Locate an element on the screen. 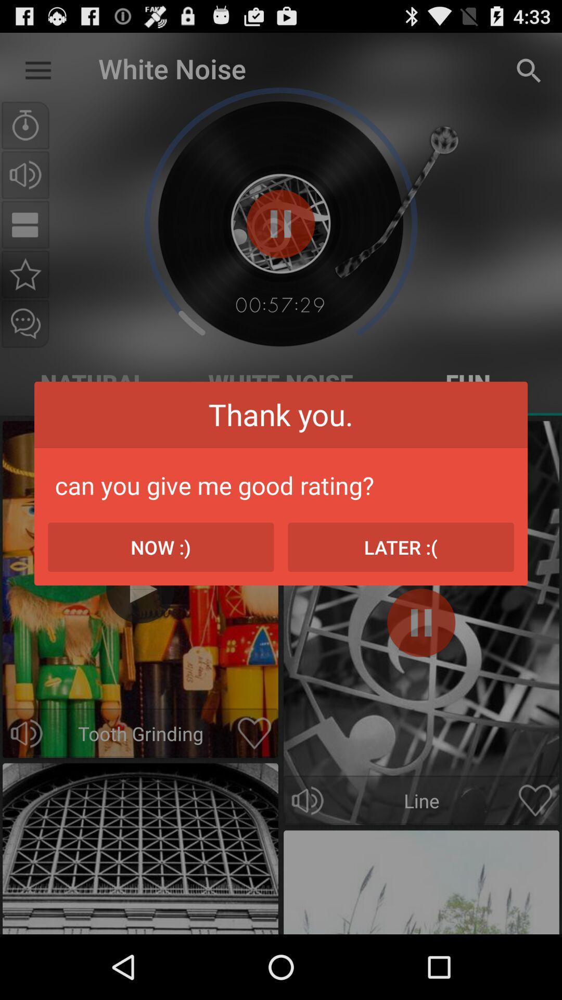 The image size is (562, 1000). icon below the can you give item is located at coordinates (400, 546).